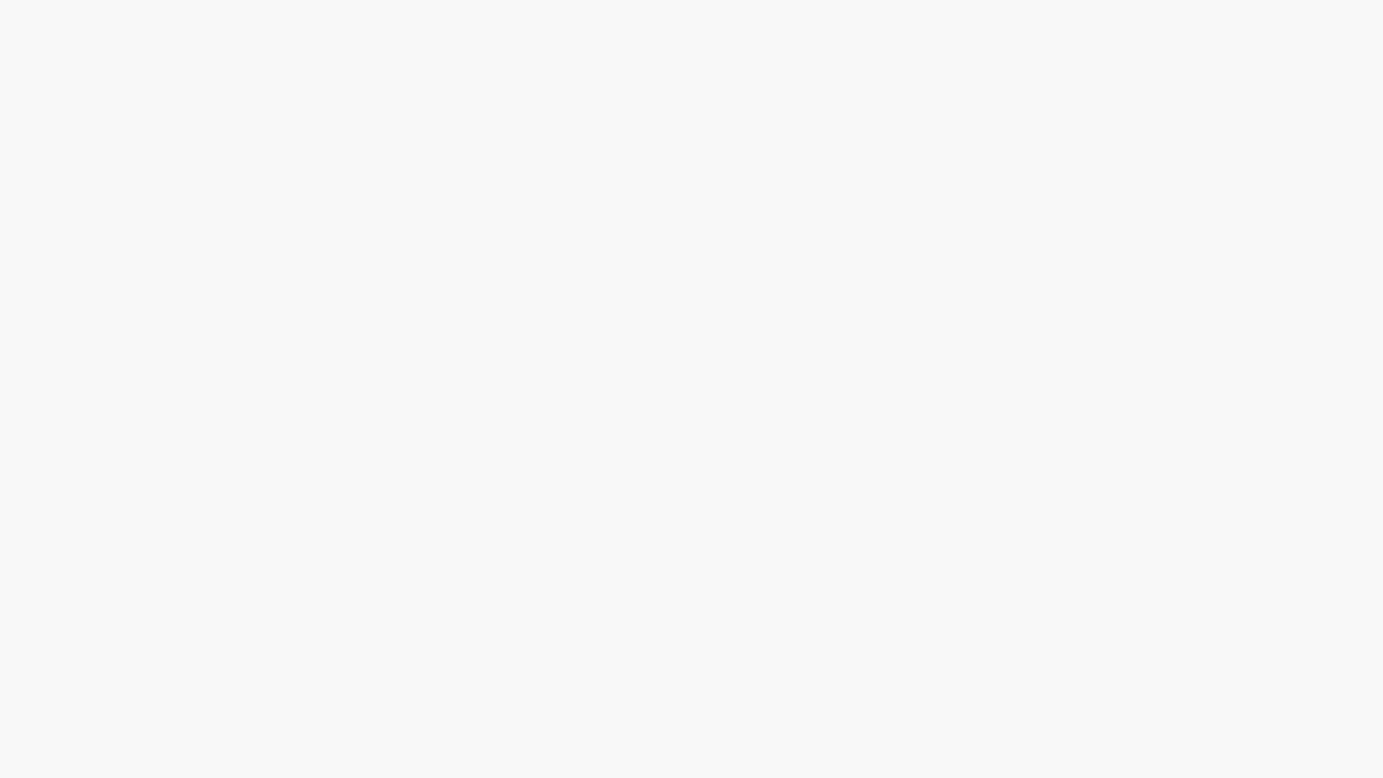 The height and width of the screenshot is (778, 1383). Describe the element at coordinates (238, 714) in the screenshot. I see `Botao Compartilhar` at that location.